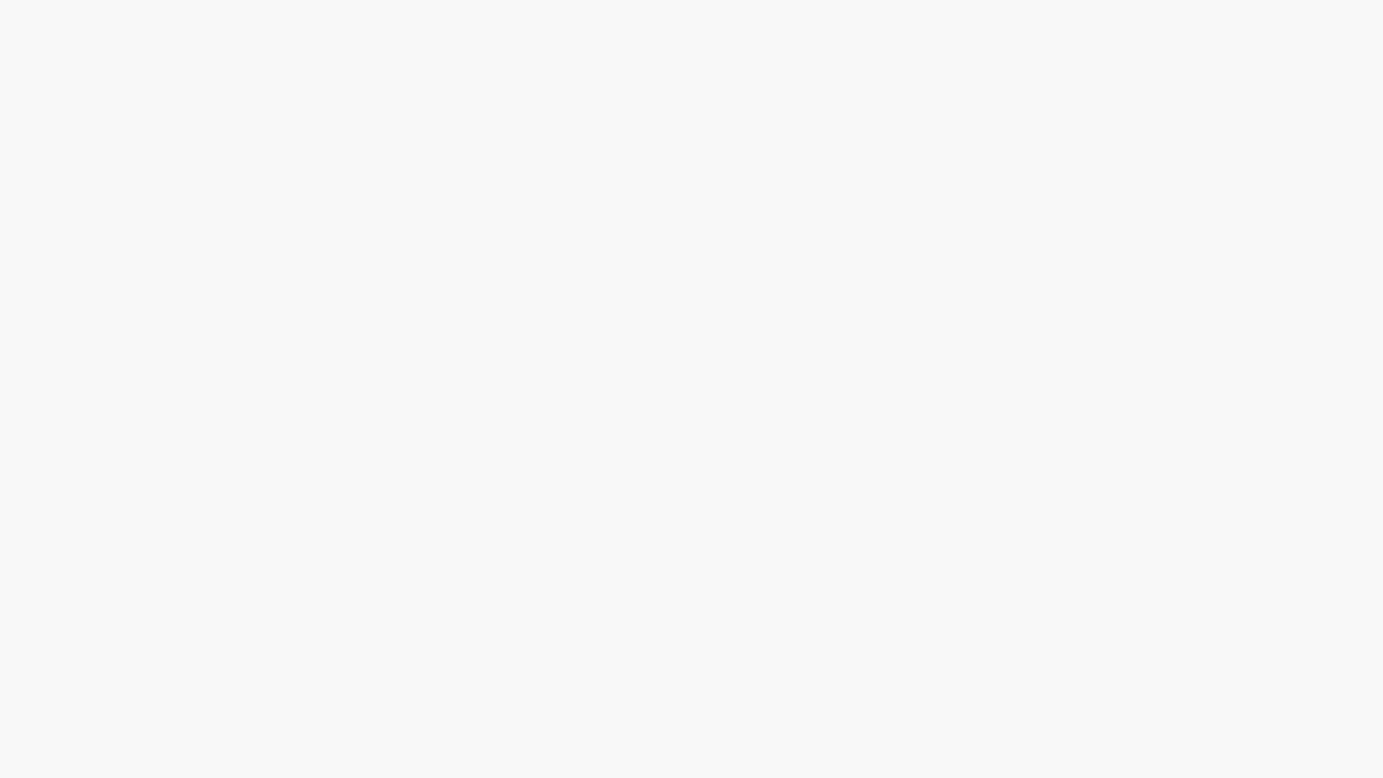 The height and width of the screenshot is (778, 1383). Describe the element at coordinates (238, 714) in the screenshot. I see `Botao Compartilhar` at that location.